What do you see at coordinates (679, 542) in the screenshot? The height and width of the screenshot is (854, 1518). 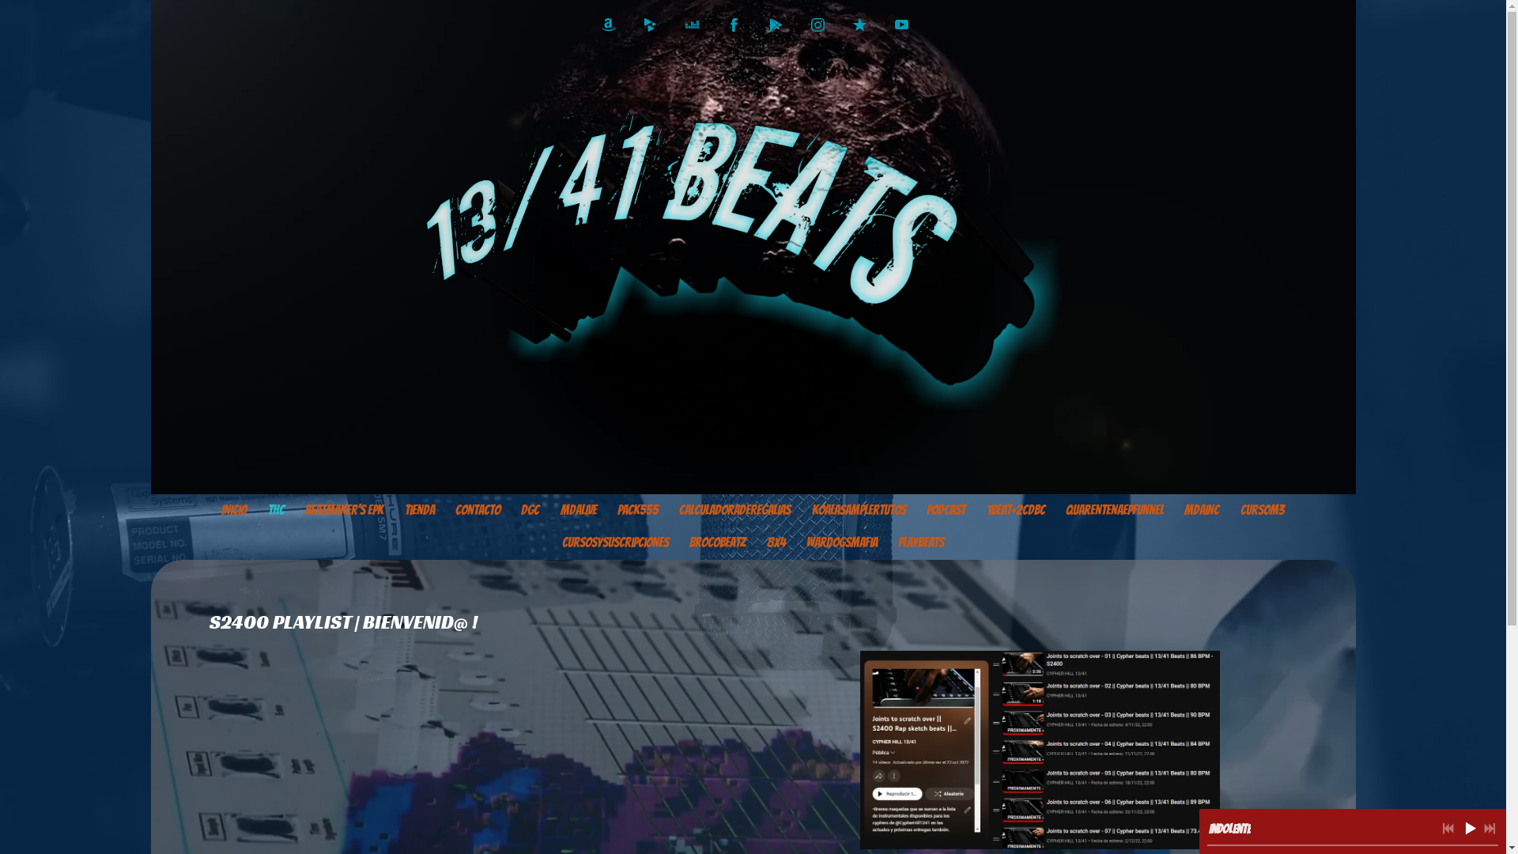 I see `'BrocoBeatz'` at bounding box center [679, 542].